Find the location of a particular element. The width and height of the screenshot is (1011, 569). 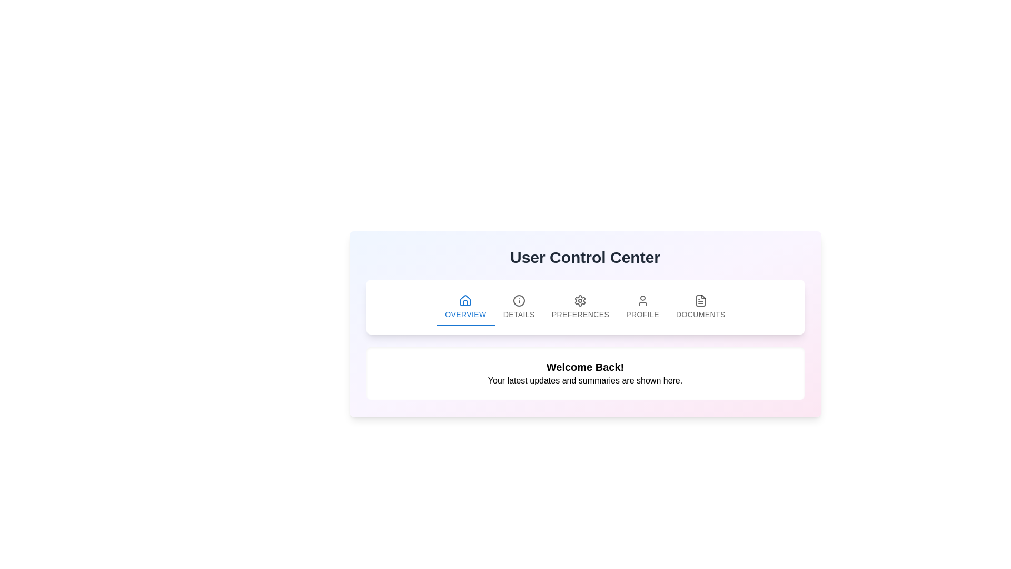

the 'Profile' tab icon, which visually represents the 'Profile' section and is located above the 'PROFILE' label in the navigation bar is located at coordinates (642, 301).